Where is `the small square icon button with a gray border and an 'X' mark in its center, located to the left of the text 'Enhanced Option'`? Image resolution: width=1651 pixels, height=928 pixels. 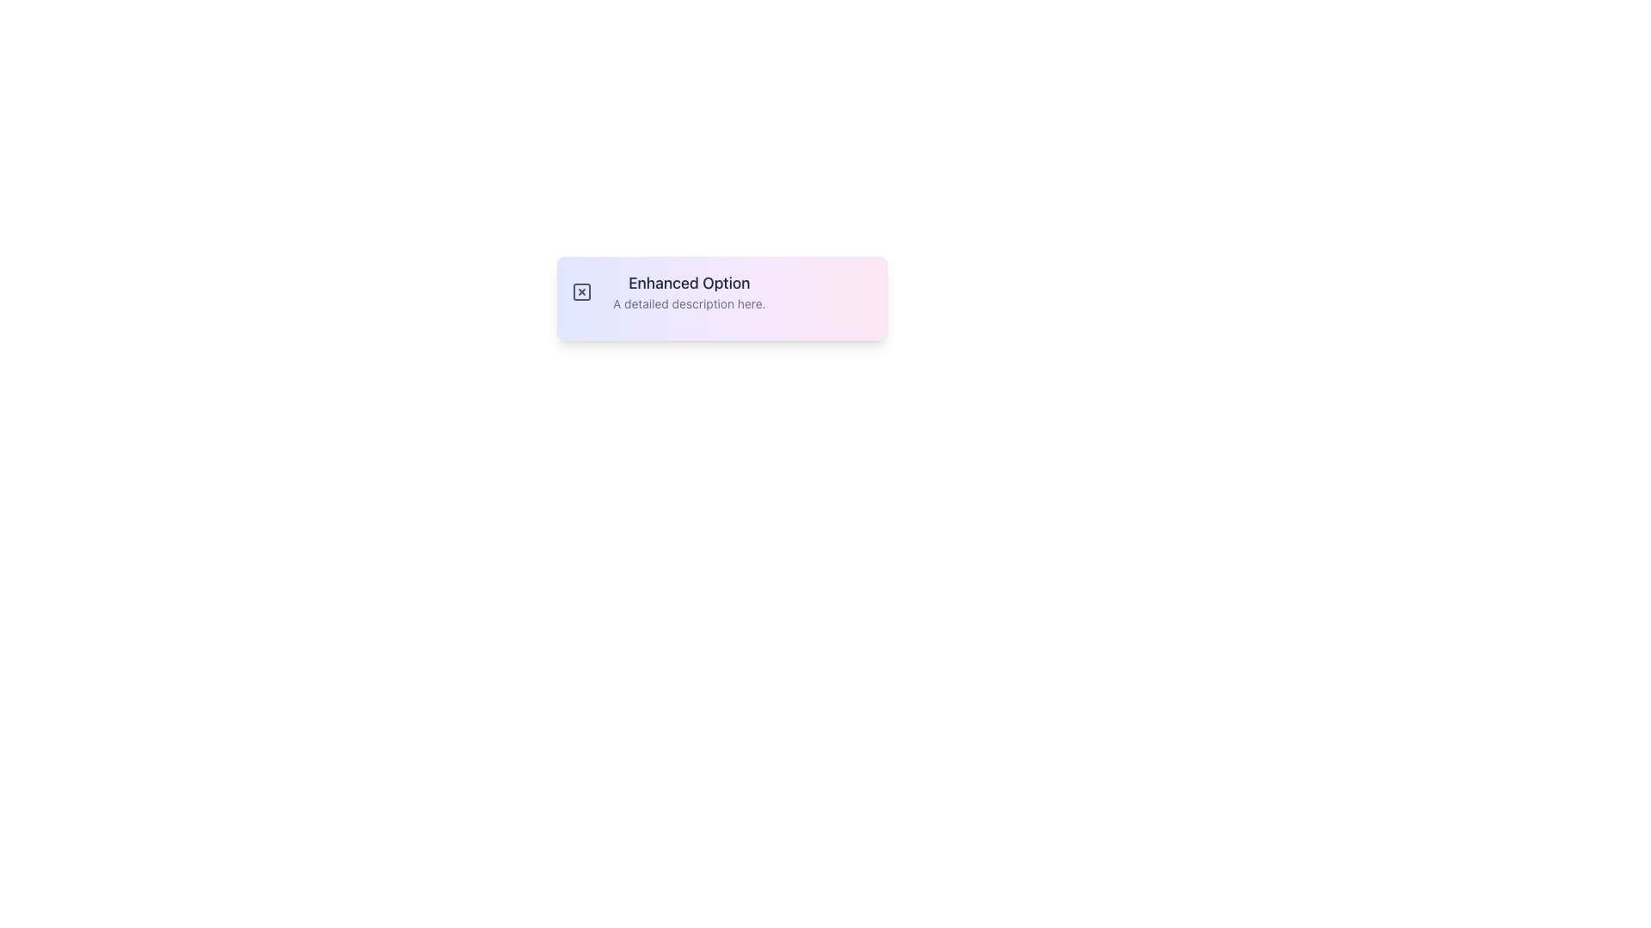 the small square icon button with a gray border and an 'X' mark in its center, located to the left of the text 'Enhanced Option' is located at coordinates (586, 290).